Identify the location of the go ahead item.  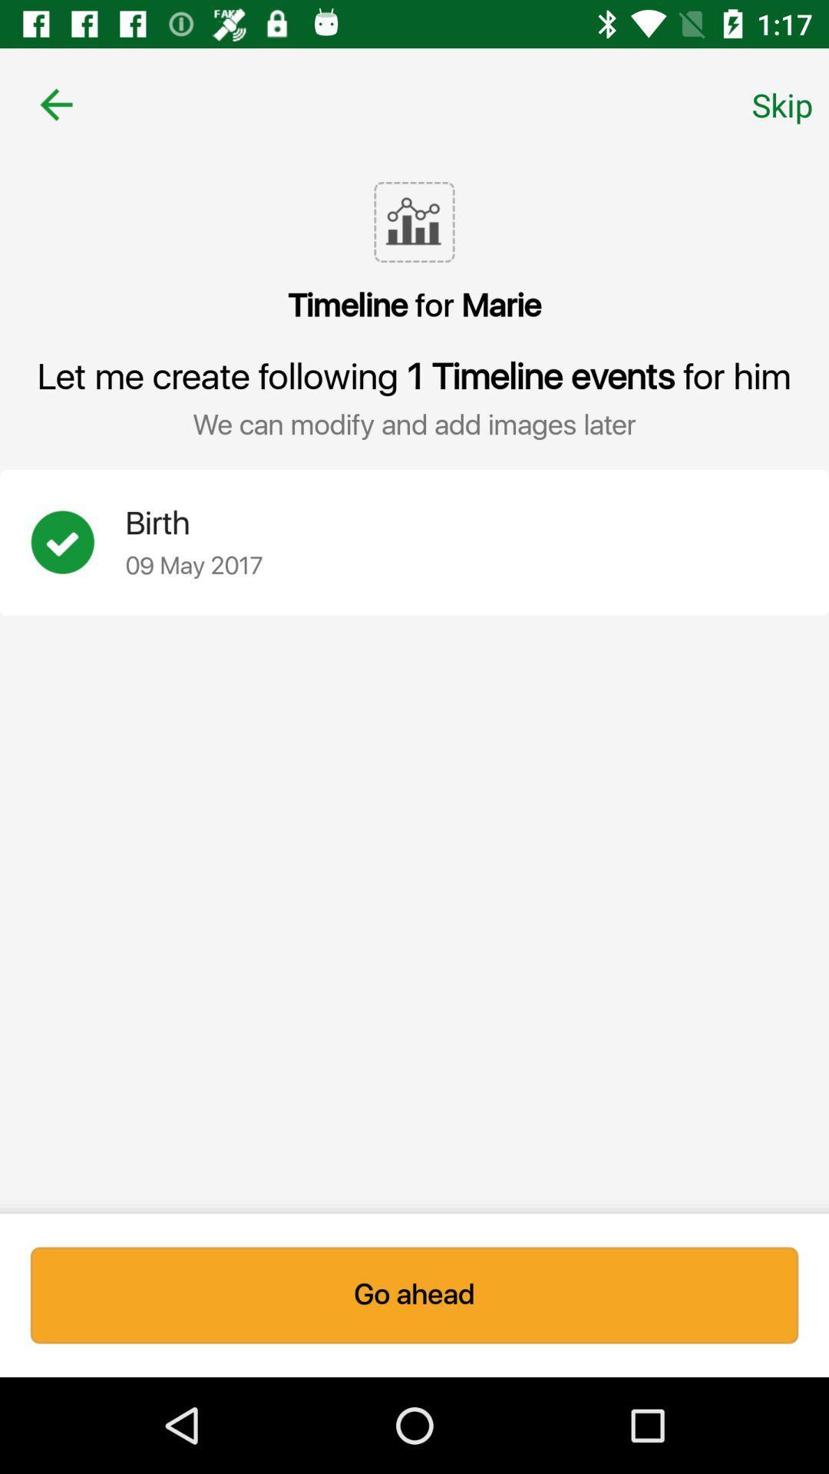
(414, 1294).